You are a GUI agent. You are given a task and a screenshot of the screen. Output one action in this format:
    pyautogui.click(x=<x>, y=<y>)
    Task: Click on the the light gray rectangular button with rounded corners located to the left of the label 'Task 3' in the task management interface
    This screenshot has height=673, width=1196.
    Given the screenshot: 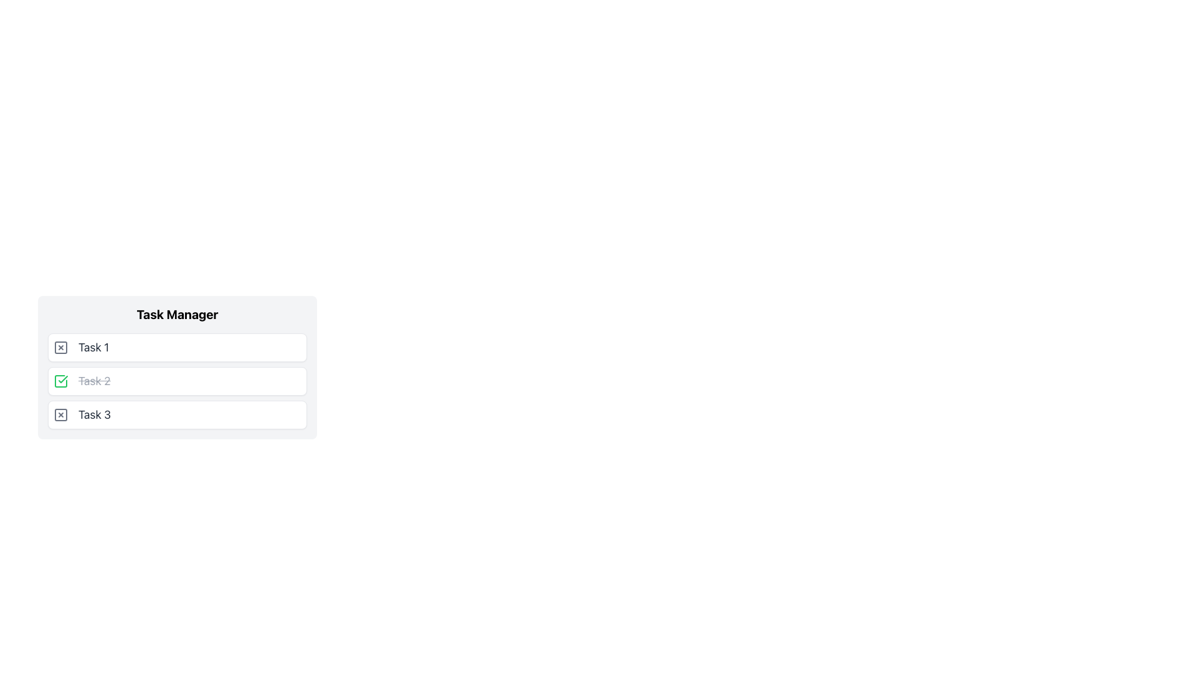 What is the action you would take?
    pyautogui.click(x=60, y=415)
    